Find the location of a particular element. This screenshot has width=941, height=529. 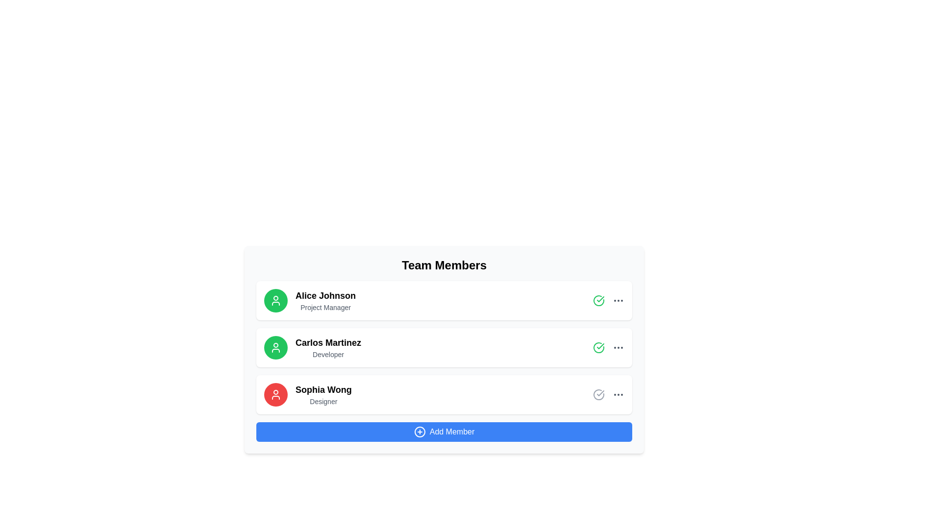

the List Item Card representing 'Alice Johnson', the Project Manager, located in the 'Team Members' section, which is the first card in the vertical list is located at coordinates (444, 300).